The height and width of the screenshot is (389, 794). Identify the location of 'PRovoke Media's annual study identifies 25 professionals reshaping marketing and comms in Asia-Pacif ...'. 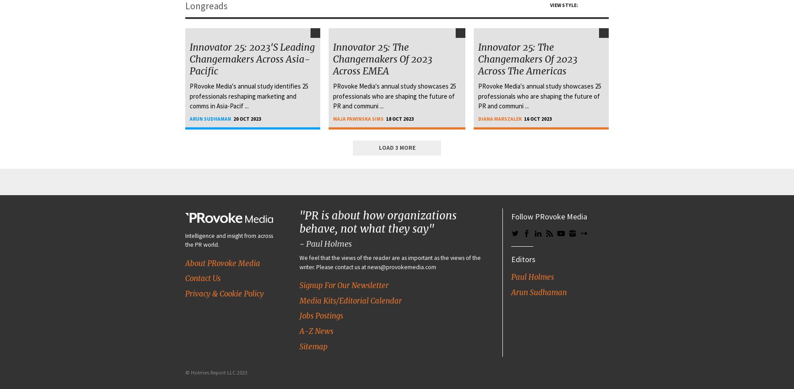
(190, 96).